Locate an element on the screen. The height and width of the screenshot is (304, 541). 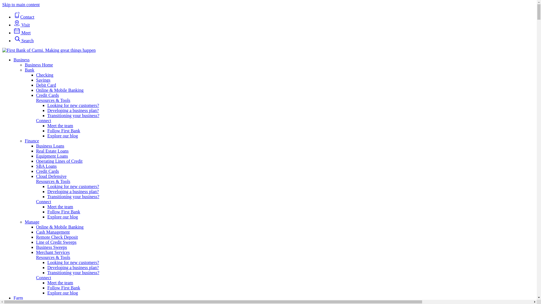
'Explore our blog' is located at coordinates (62, 292).